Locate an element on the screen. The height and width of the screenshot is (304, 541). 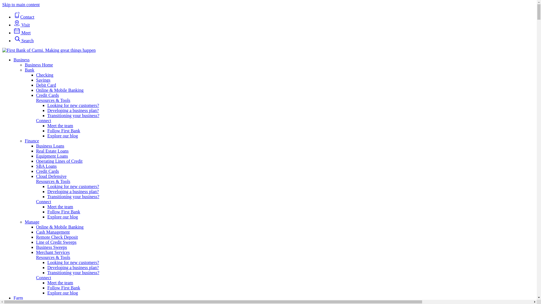
'Explore our blog' is located at coordinates (62, 292).